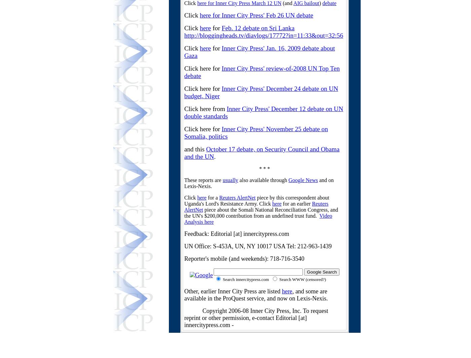 This screenshot has width=471, height=358. Describe the element at coordinates (261, 204) in the screenshot. I see `'C'` at that location.